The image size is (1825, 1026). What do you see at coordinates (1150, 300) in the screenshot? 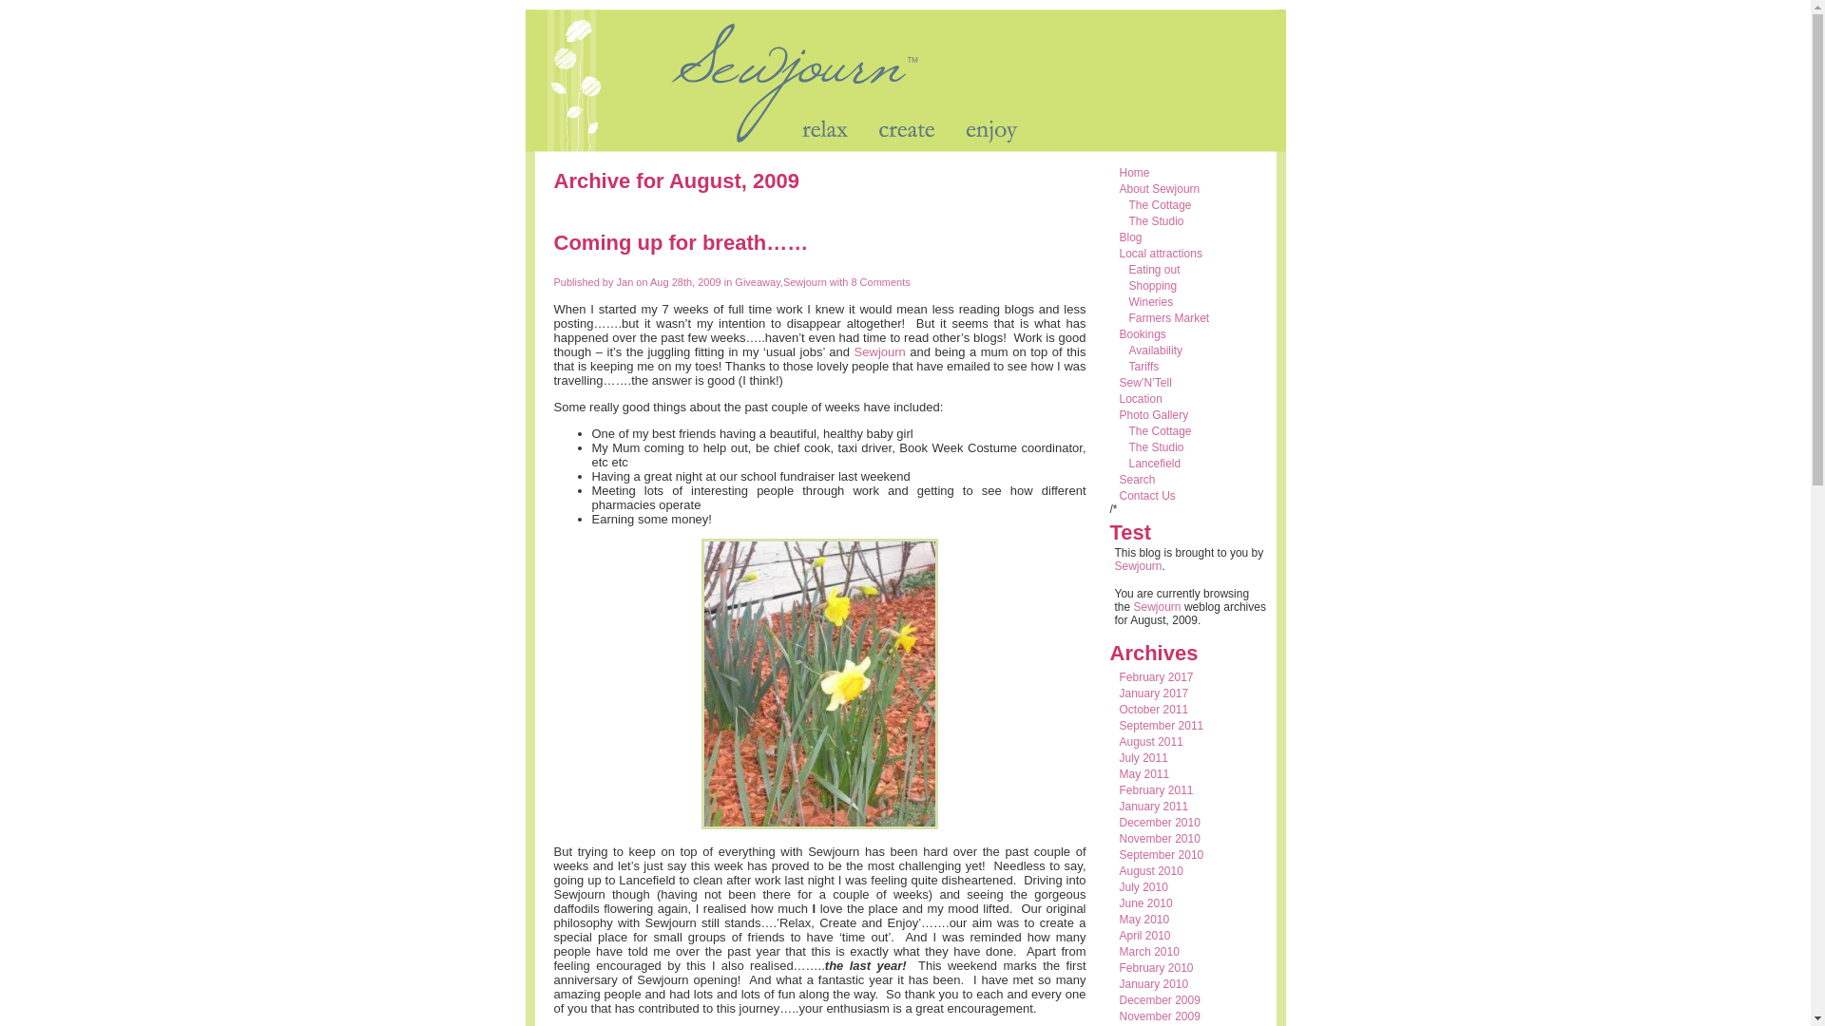
I see `'Wineries'` at bounding box center [1150, 300].